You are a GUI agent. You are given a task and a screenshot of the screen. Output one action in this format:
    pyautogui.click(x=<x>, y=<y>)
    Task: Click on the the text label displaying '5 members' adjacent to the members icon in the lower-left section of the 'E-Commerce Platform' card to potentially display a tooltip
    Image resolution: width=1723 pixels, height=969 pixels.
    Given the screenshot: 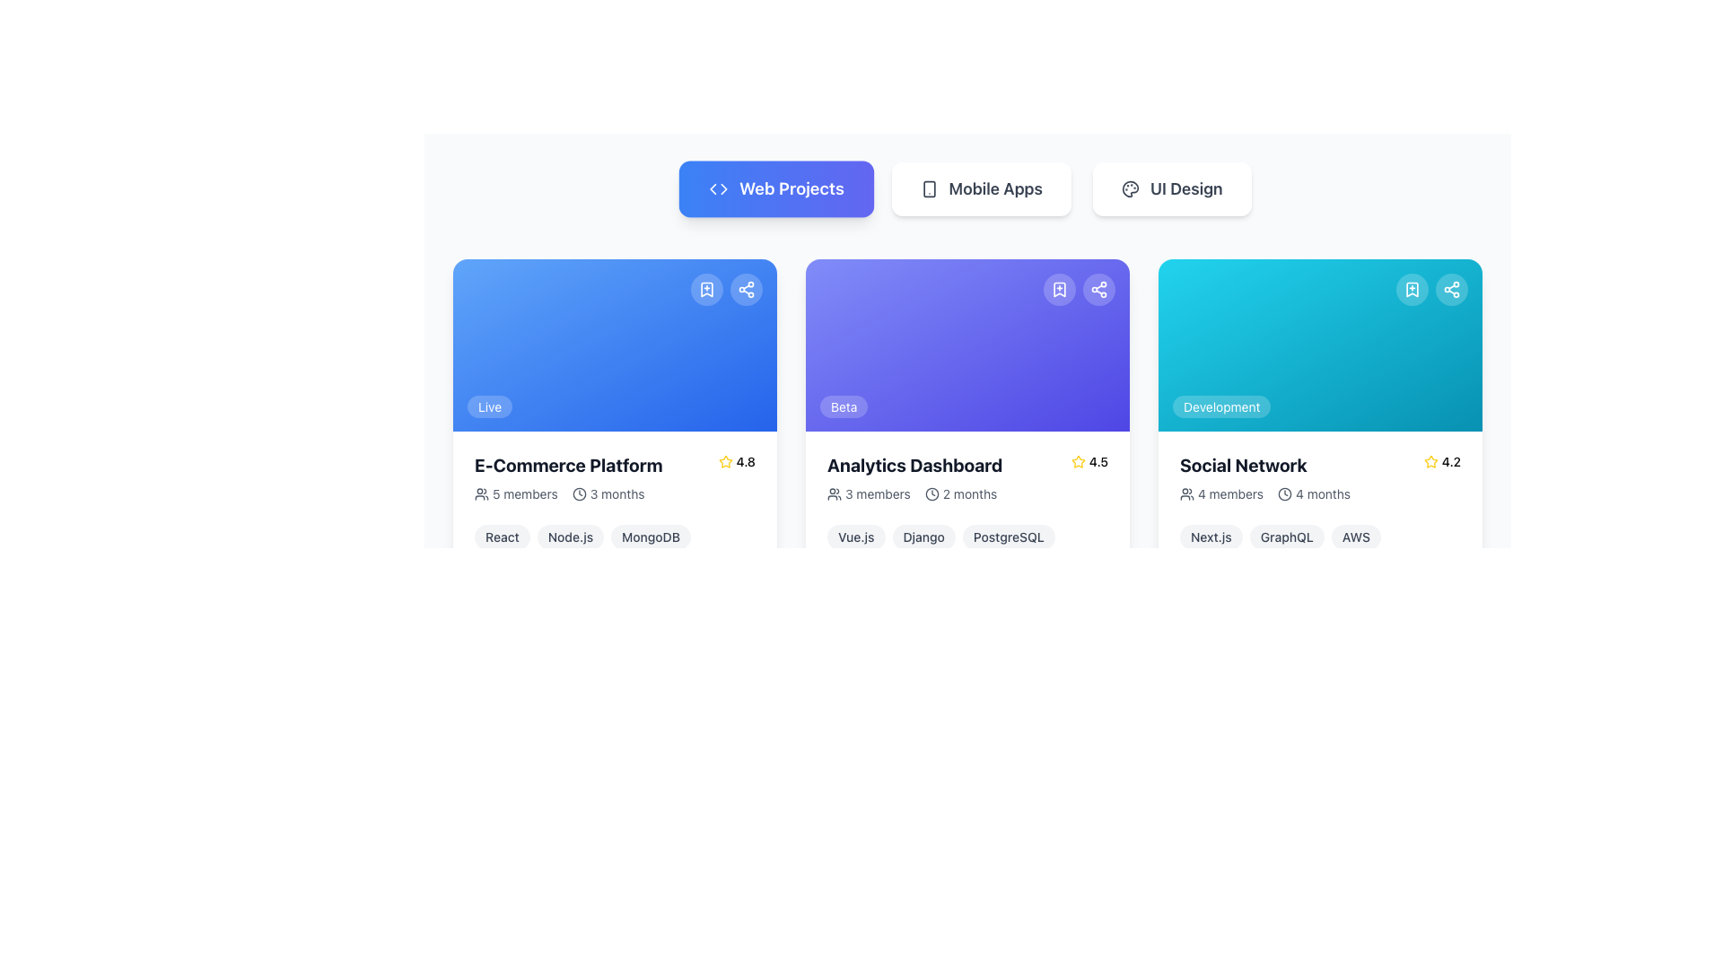 What is the action you would take?
    pyautogui.click(x=524, y=494)
    